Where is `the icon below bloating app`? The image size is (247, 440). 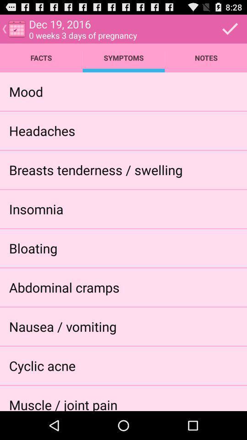 the icon below bloating app is located at coordinates (64, 286).